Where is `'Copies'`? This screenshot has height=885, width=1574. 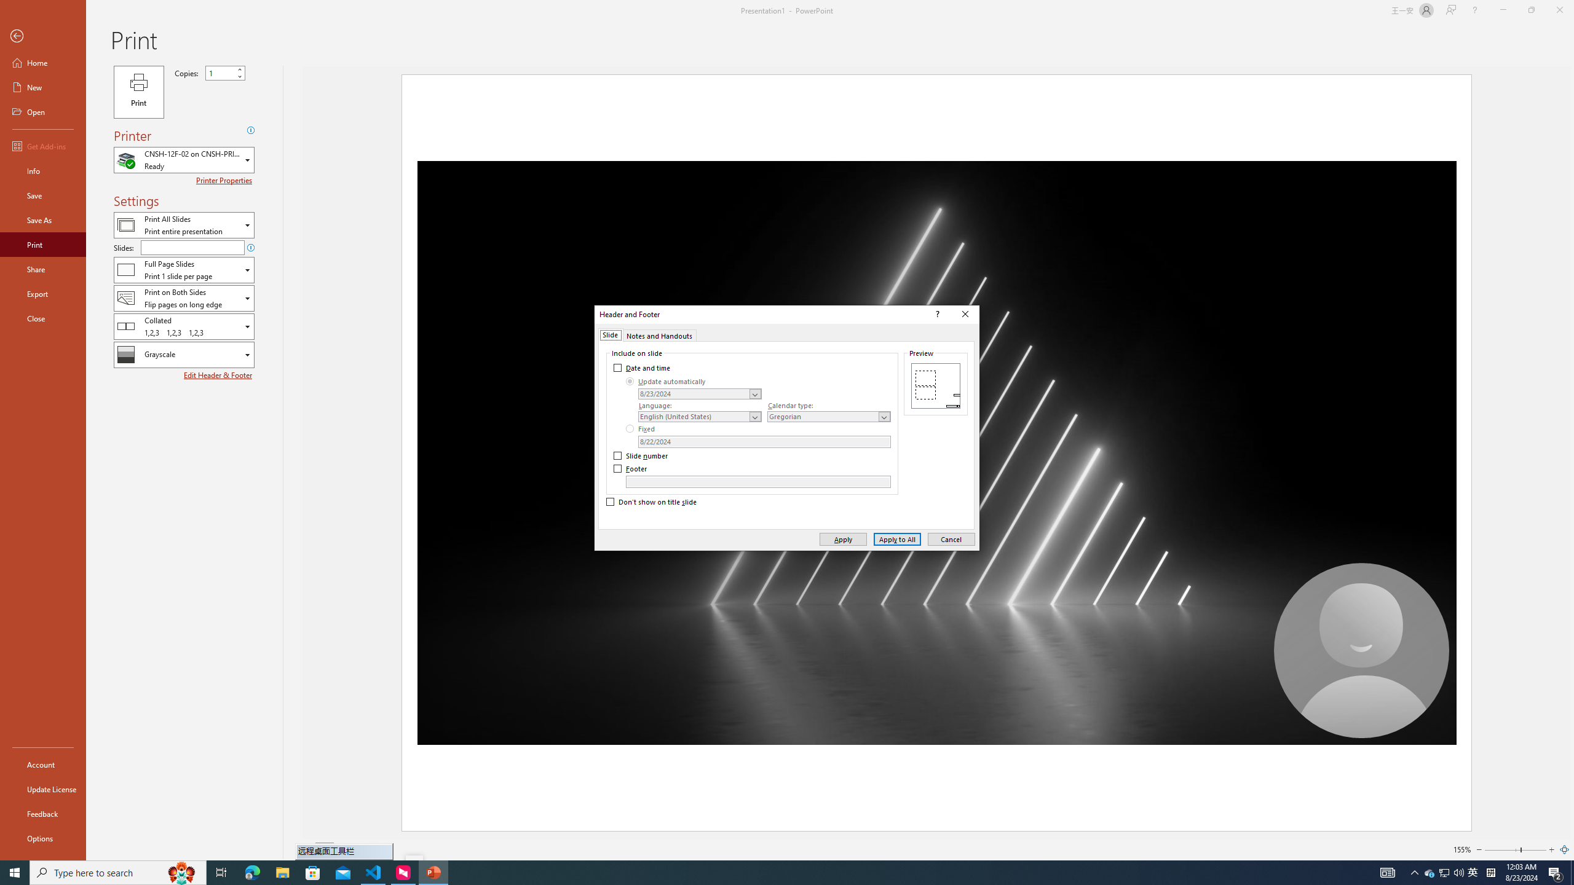 'Copies' is located at coordinates (220, 73).